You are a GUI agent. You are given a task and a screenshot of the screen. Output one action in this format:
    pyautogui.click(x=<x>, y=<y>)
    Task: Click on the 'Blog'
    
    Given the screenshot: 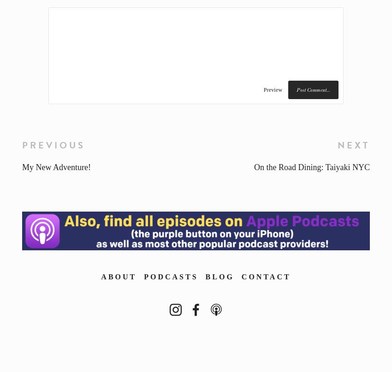 What is the action you would take?
    pyautogui.click(x=220, y=276)
    